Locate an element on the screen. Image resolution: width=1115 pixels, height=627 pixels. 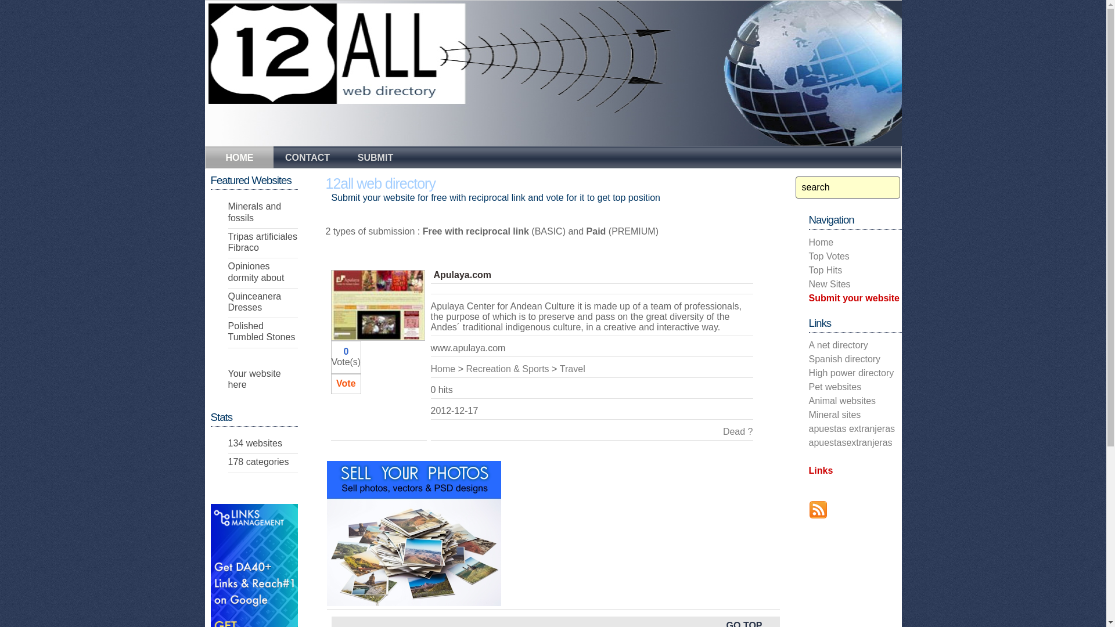
'Vote' is located at coordinates (345, 383).